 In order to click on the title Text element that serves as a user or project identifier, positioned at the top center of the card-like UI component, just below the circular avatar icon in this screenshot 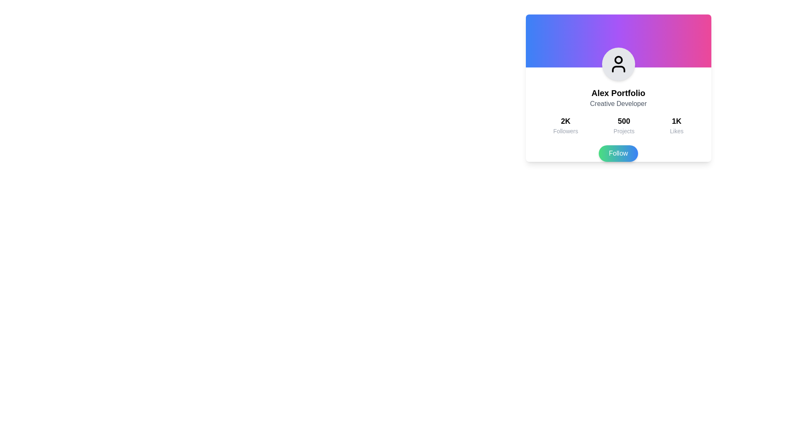, I will do `click(618, 93)`.